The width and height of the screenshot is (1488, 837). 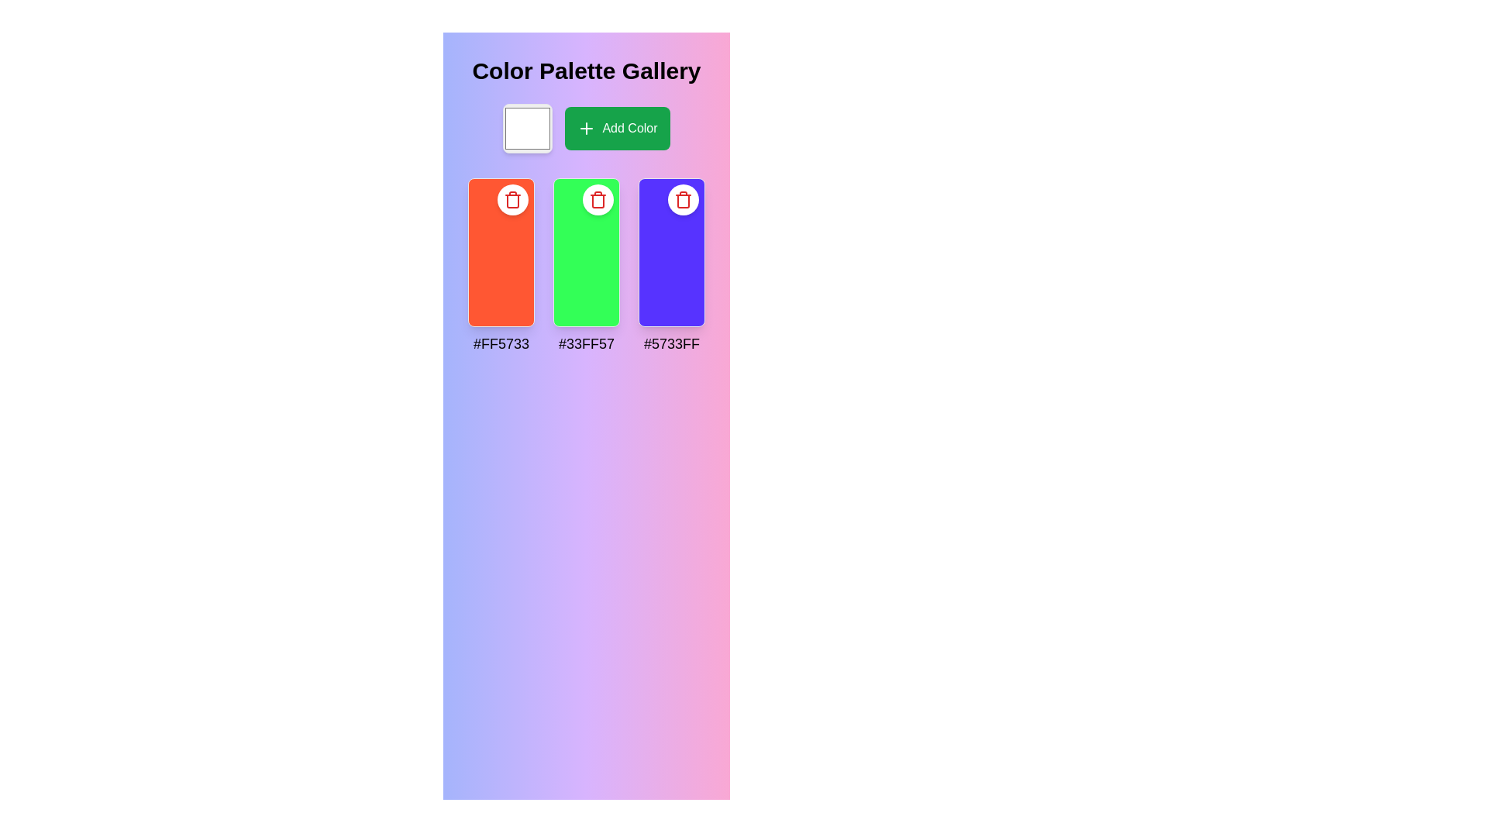 I want to click on the circular delete button with a white background and red border, featuring a red trash can icon, located in the top-right corner of the color tile, so click(x=513, y=199).